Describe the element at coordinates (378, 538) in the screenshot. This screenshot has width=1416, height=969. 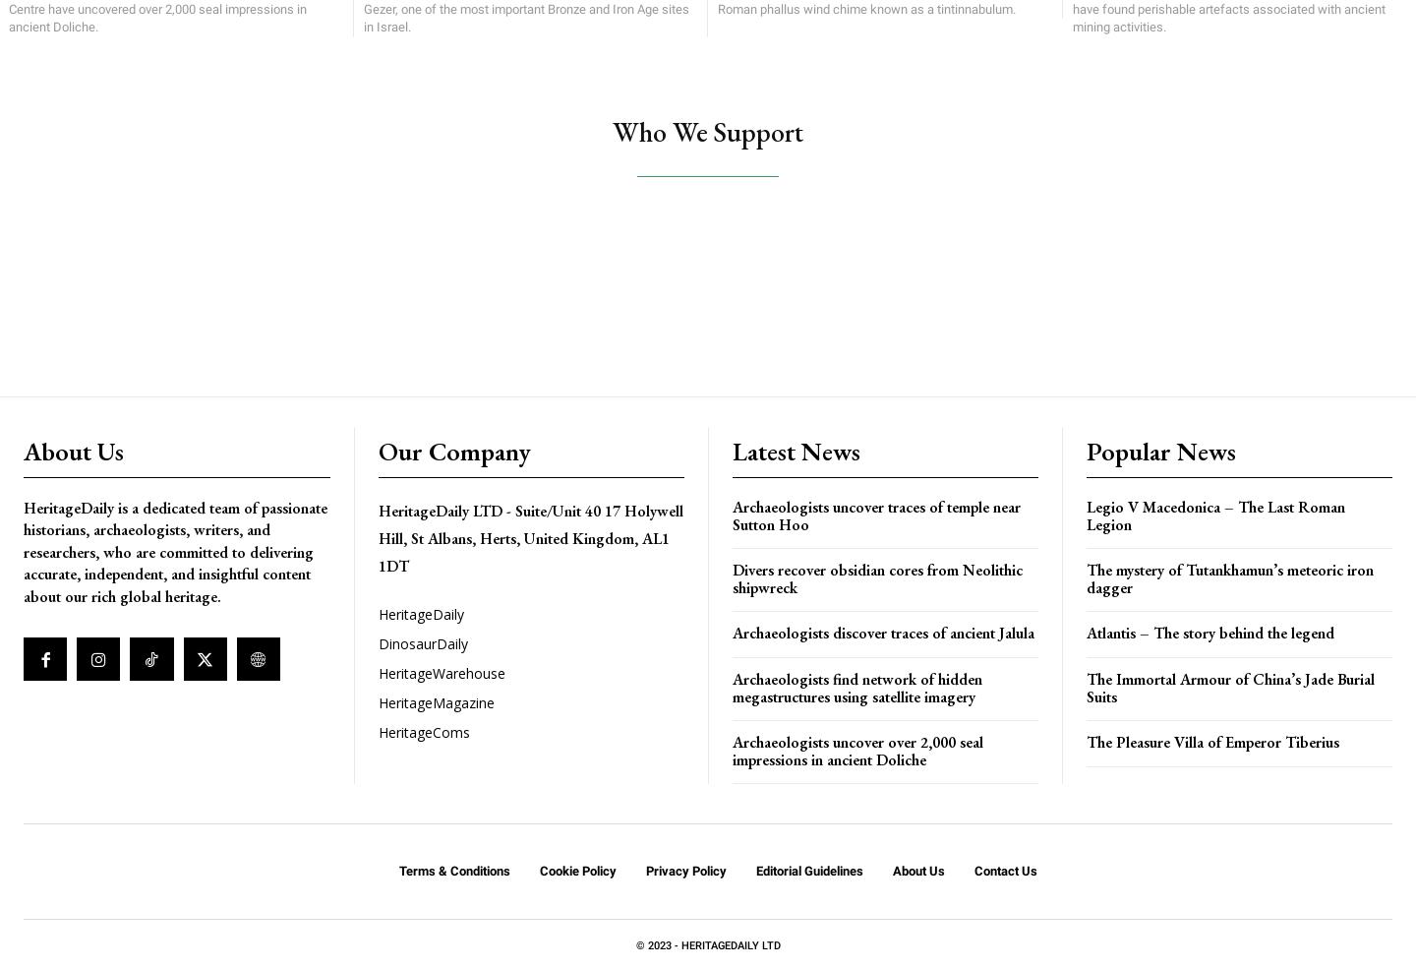
I see `'HeritageDaily LTD - Suite/Unit 40 17 Holywell Hill, St Albans, Herts, United Kingdom, AL1 1DT'` at that location.